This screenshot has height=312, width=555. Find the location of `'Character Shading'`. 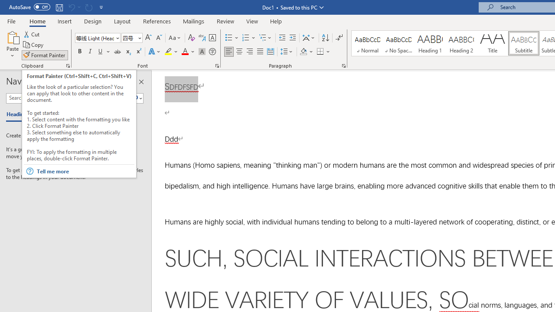

'Character Shading' is located at coordinates (201, 52).